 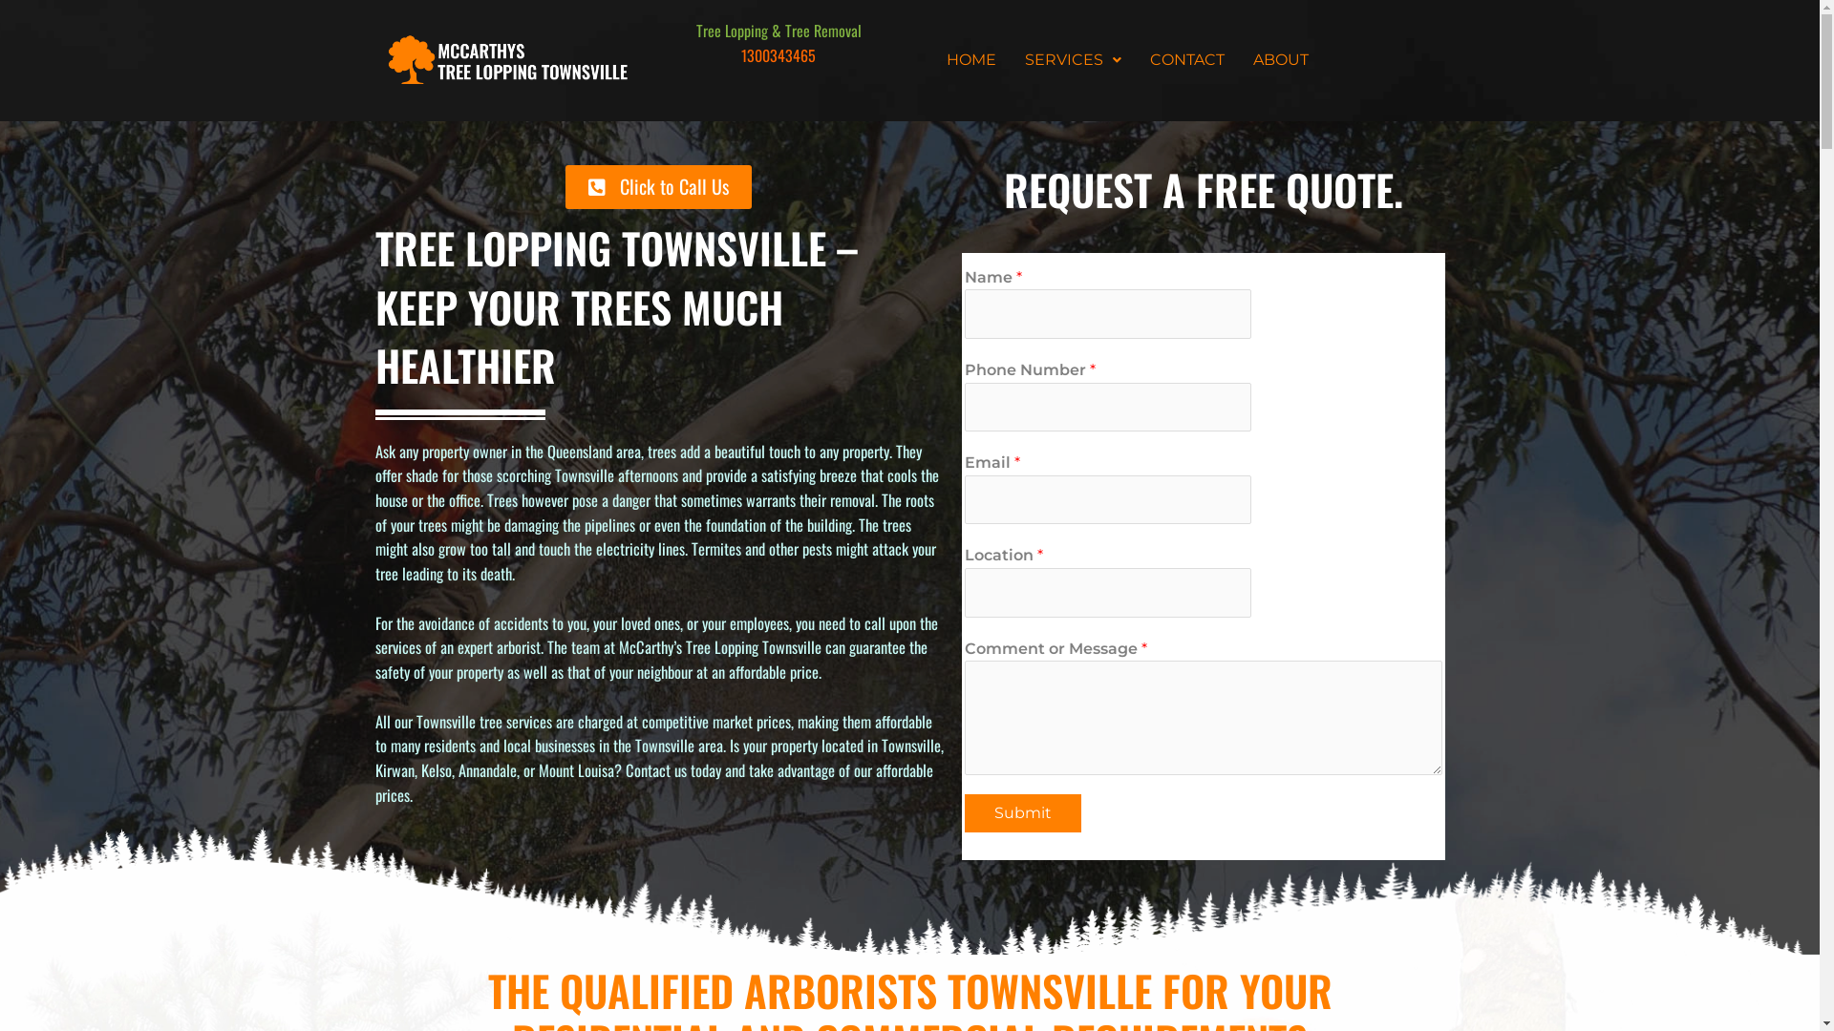 What do you see at coordinates (778, 53) in the screenshot?
I see `'1300343465'` at bounding box center [778, 53].